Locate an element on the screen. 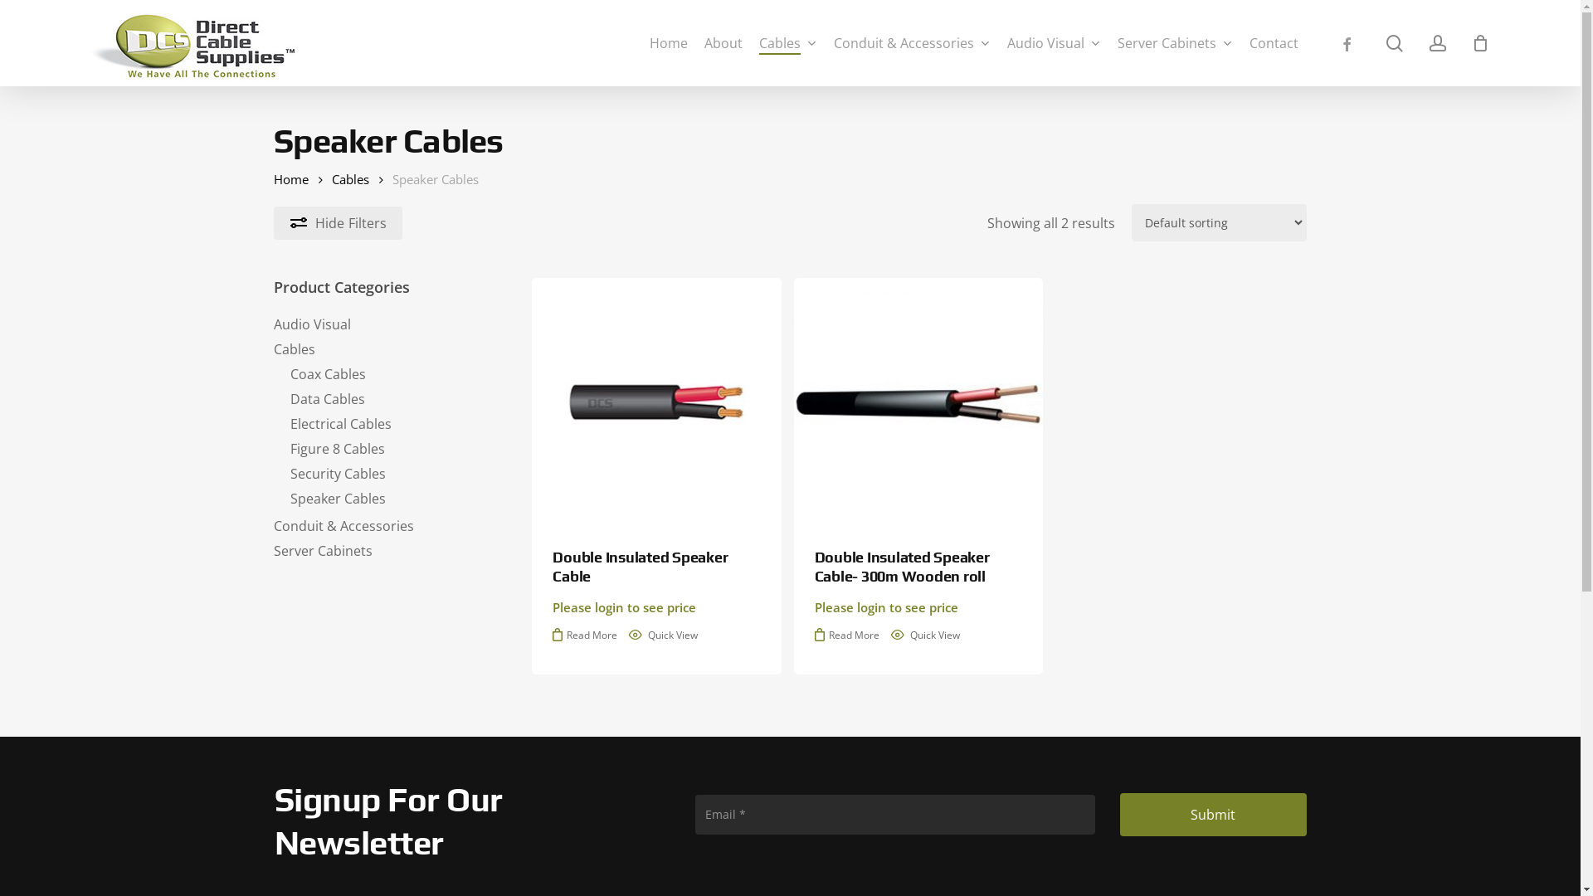 Image resolution: width=1593 pixels, height=896 pixels. 'search' is located at coordinates (1394, 42).